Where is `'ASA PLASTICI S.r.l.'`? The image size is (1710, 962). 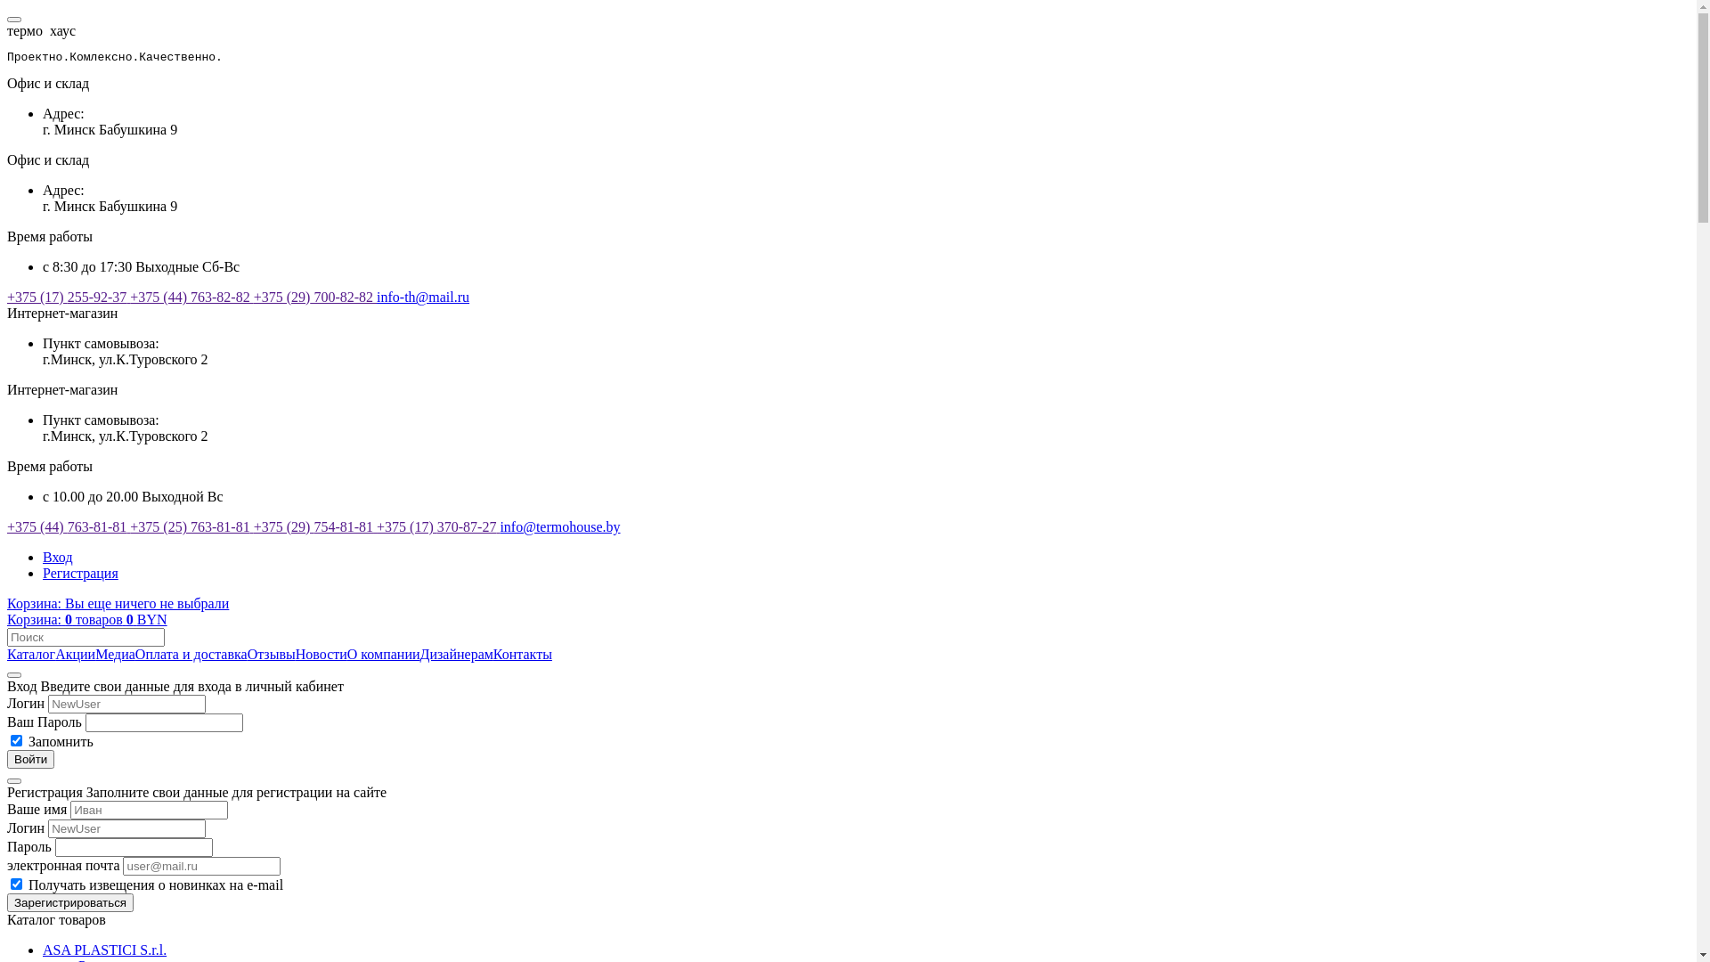 'ASA PLASTICI S.r.l.' is located at coordinates (43, 949).